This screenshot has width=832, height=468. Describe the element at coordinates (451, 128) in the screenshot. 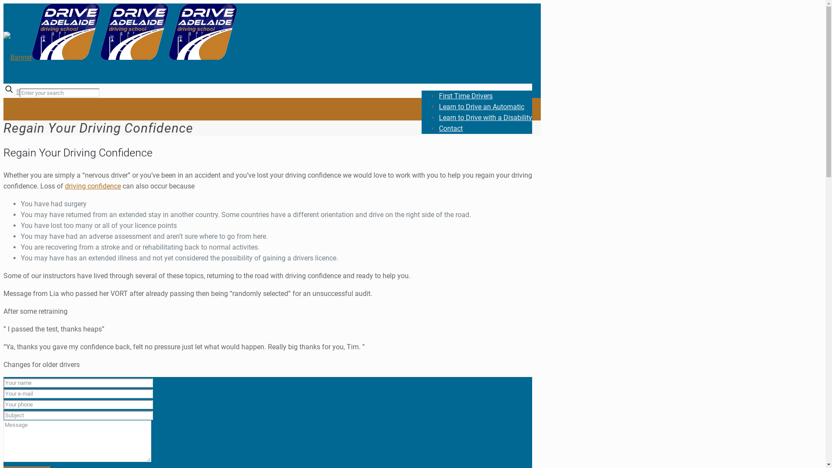

I see `'Contact'` at that location.